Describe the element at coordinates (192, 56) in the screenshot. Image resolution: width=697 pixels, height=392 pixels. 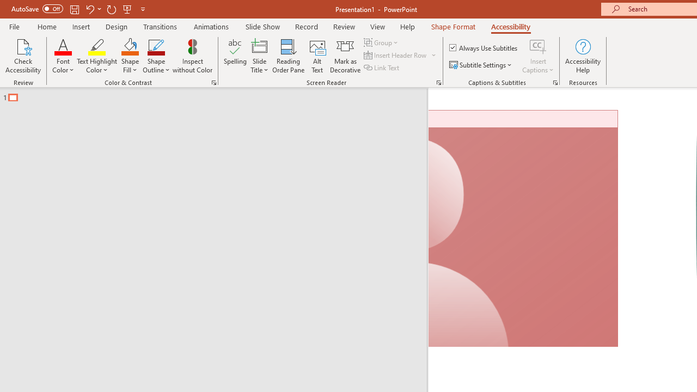
I see `'Inspect without Color'` at that location.